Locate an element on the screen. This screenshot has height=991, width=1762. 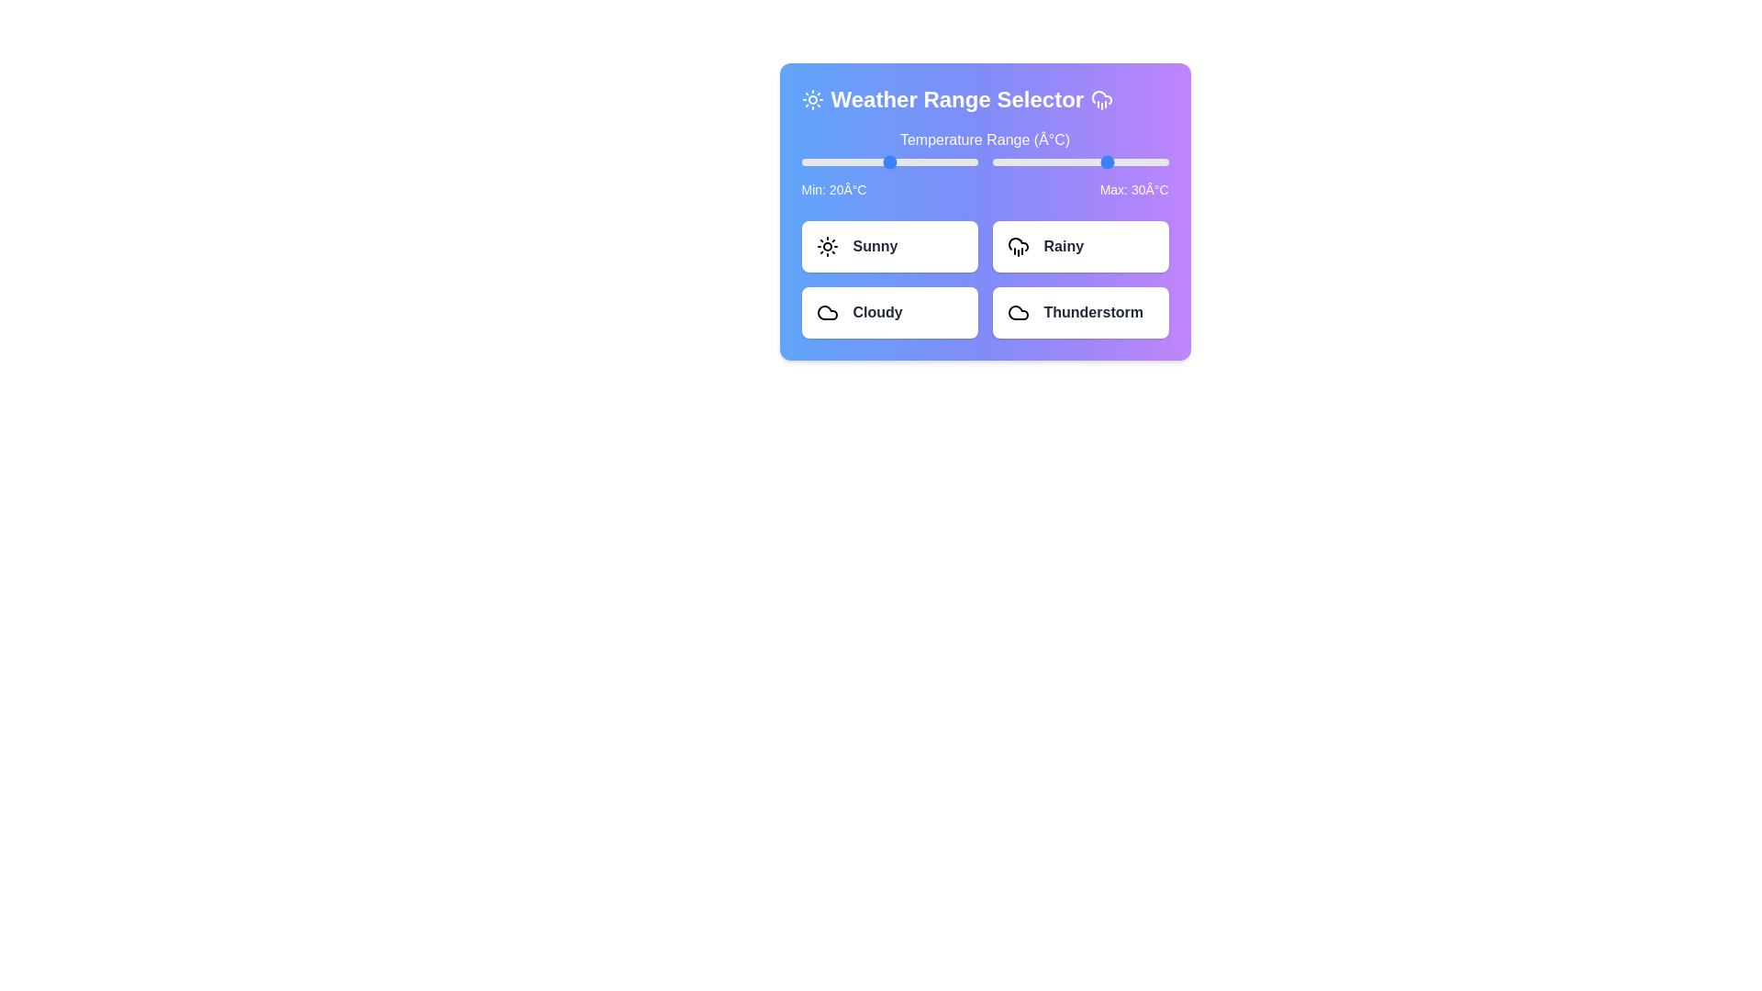
the minimum temperature range slider to 20°C is located at coordinates (889, 161).